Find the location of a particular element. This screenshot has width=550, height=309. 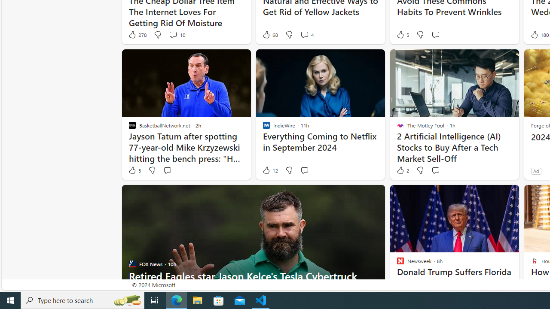

'View comments 10 Comment' is located at coordinates (176, 34).